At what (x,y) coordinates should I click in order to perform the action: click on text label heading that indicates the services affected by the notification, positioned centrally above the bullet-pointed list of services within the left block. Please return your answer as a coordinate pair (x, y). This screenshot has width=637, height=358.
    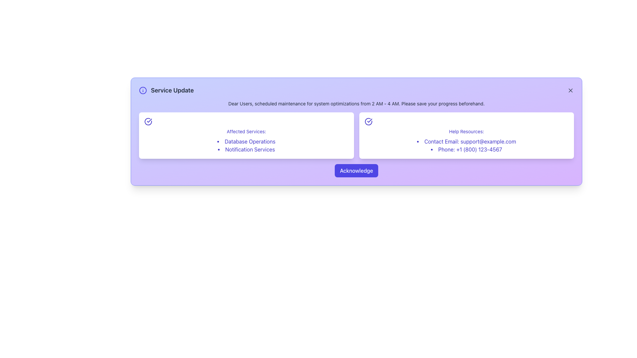
    Looking at the image, I should click on (246, 132).